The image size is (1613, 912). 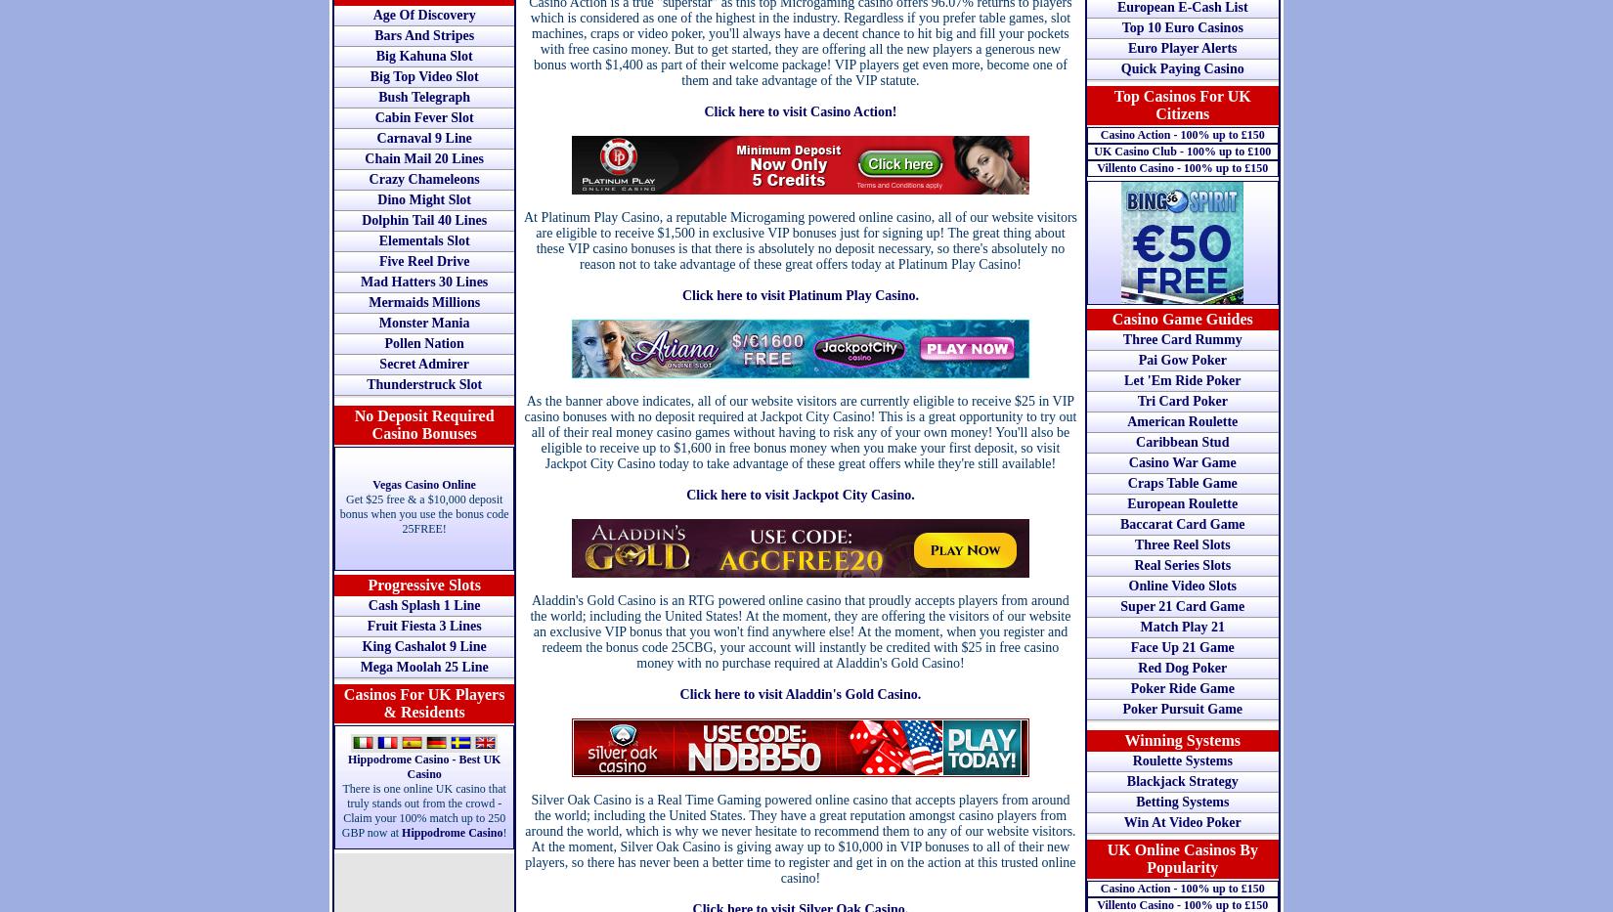 What do you see at coordinates (1182, 380) in the screenshot?
I see `'Let 'em Ride Poker'` at bounding box center [1182, 380].